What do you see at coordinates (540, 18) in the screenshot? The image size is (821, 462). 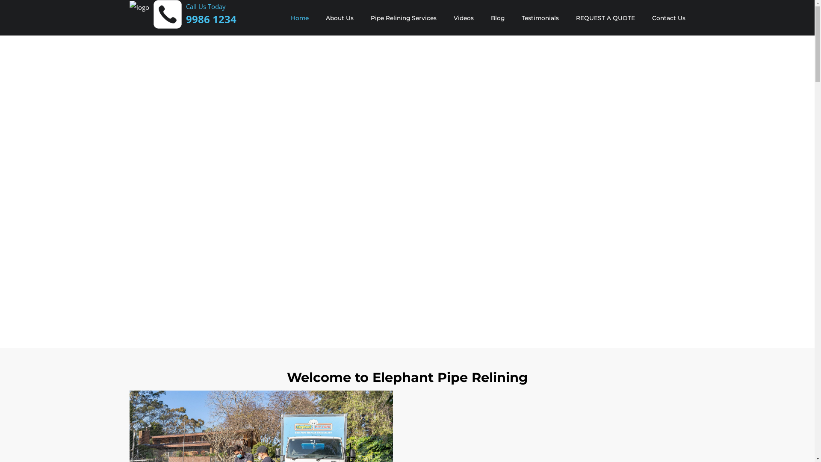 I see `'Testimonials'` at bounding box center [540, 18].